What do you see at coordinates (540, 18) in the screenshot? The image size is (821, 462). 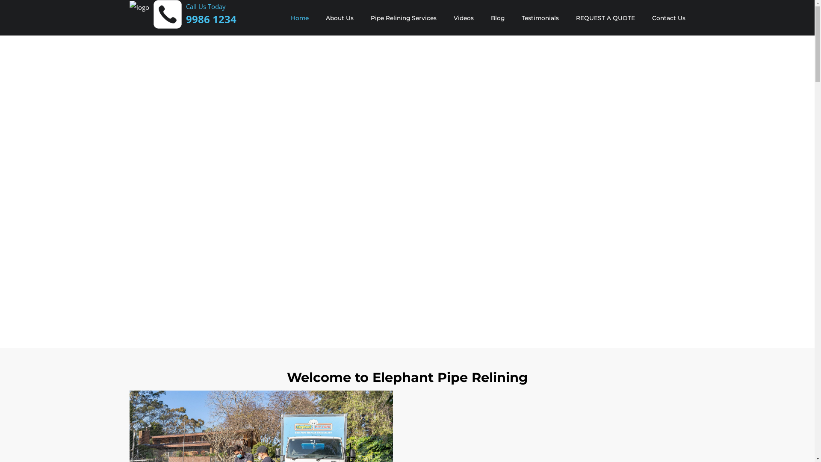 I see `'Testimonials'` at bounding box center [540, 18].